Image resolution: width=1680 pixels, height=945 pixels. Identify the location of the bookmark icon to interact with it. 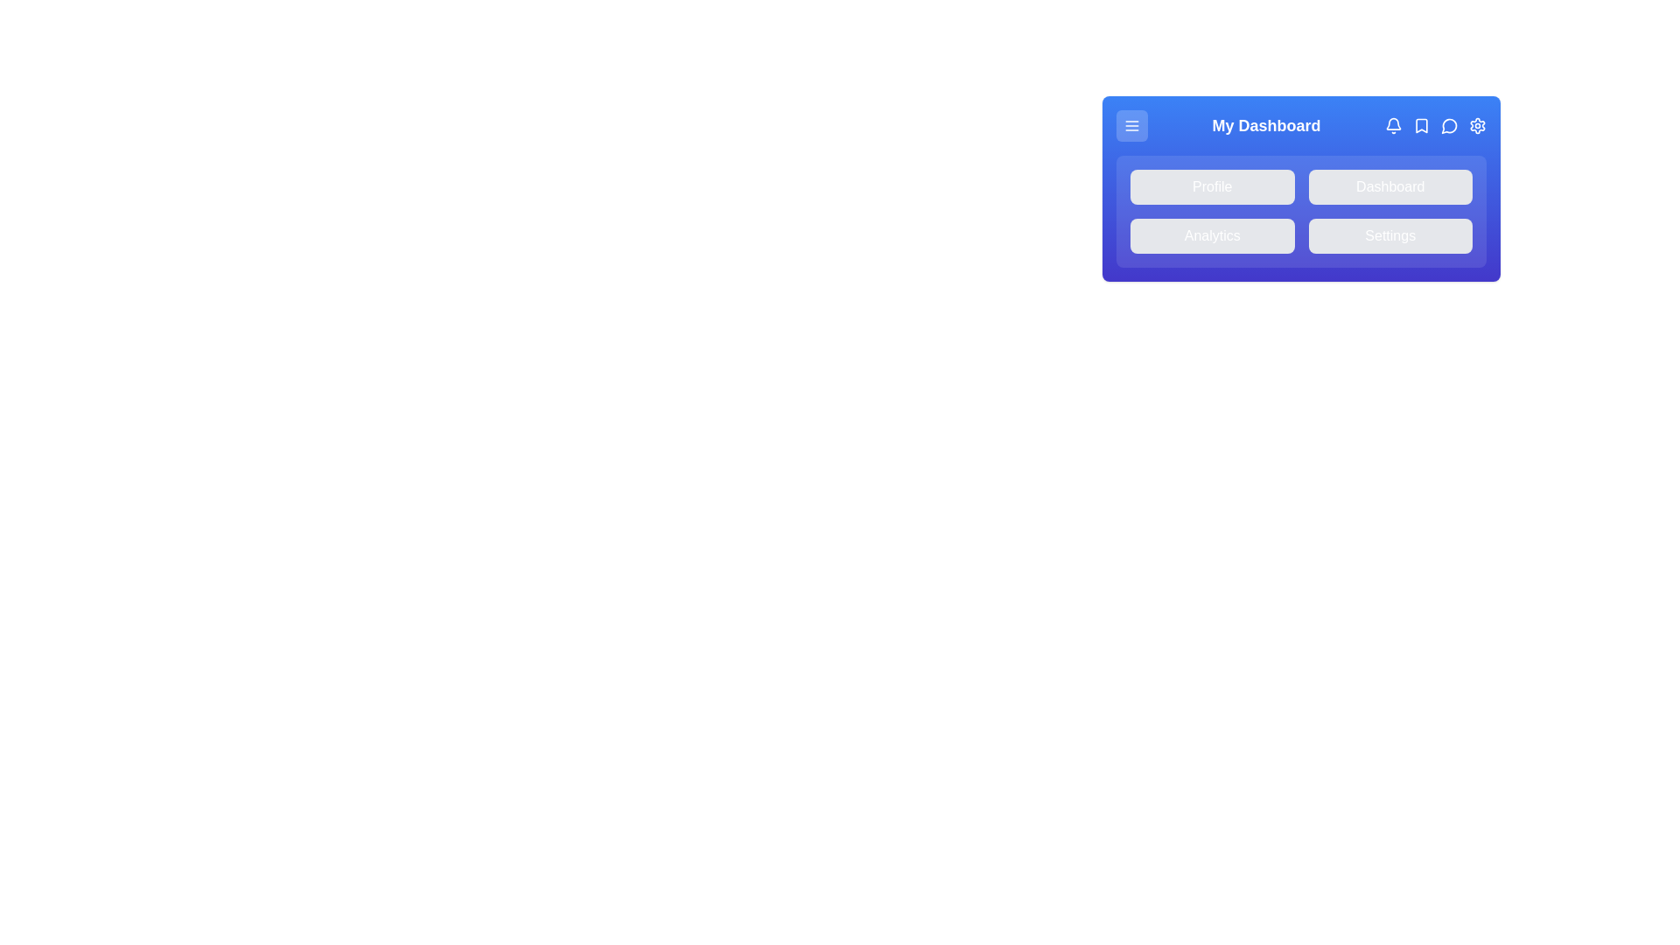
(1422, 124).